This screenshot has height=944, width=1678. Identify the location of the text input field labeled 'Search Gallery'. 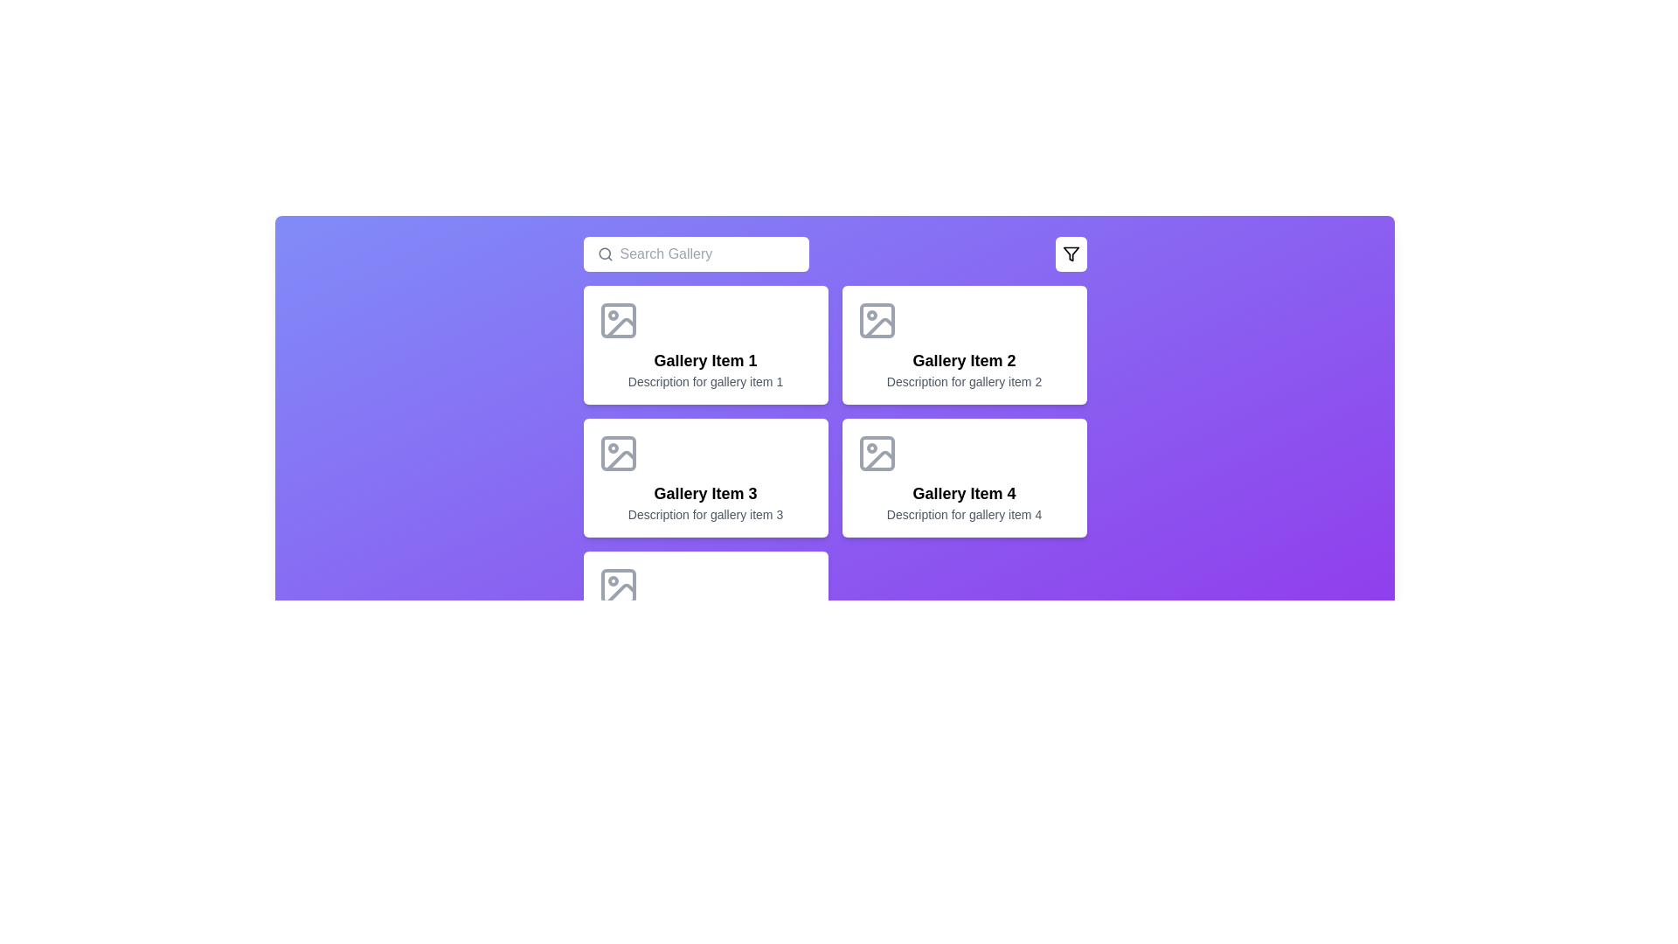
(707, 253).